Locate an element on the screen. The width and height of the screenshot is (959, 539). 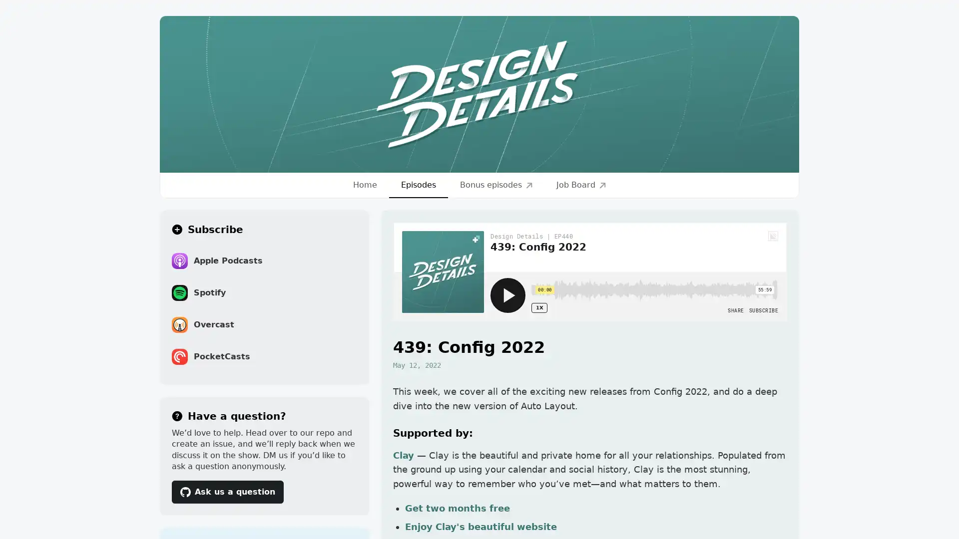
Ask us a question is located at coordinates (227, 491).